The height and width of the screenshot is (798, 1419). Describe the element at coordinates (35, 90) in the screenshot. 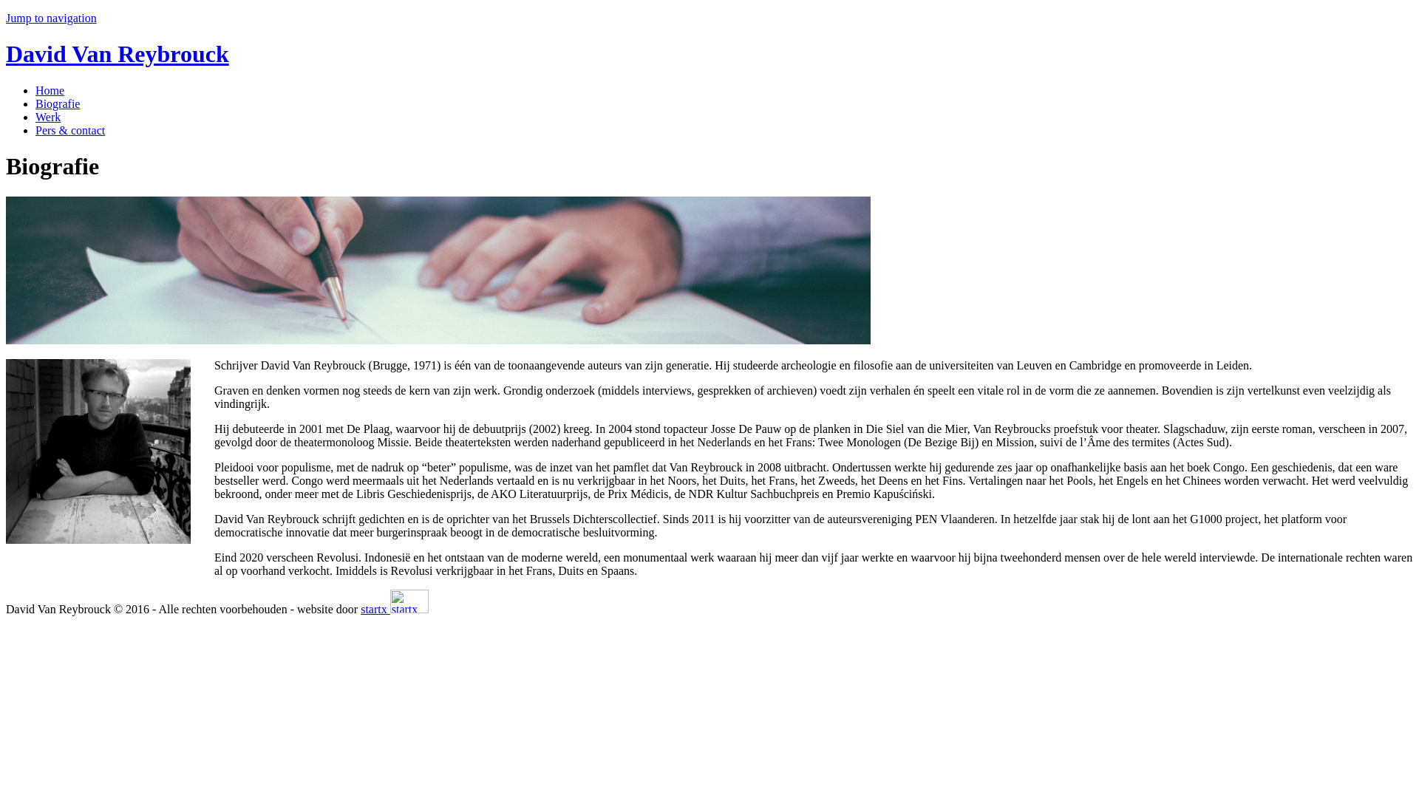

I see `'Home'` at that location.